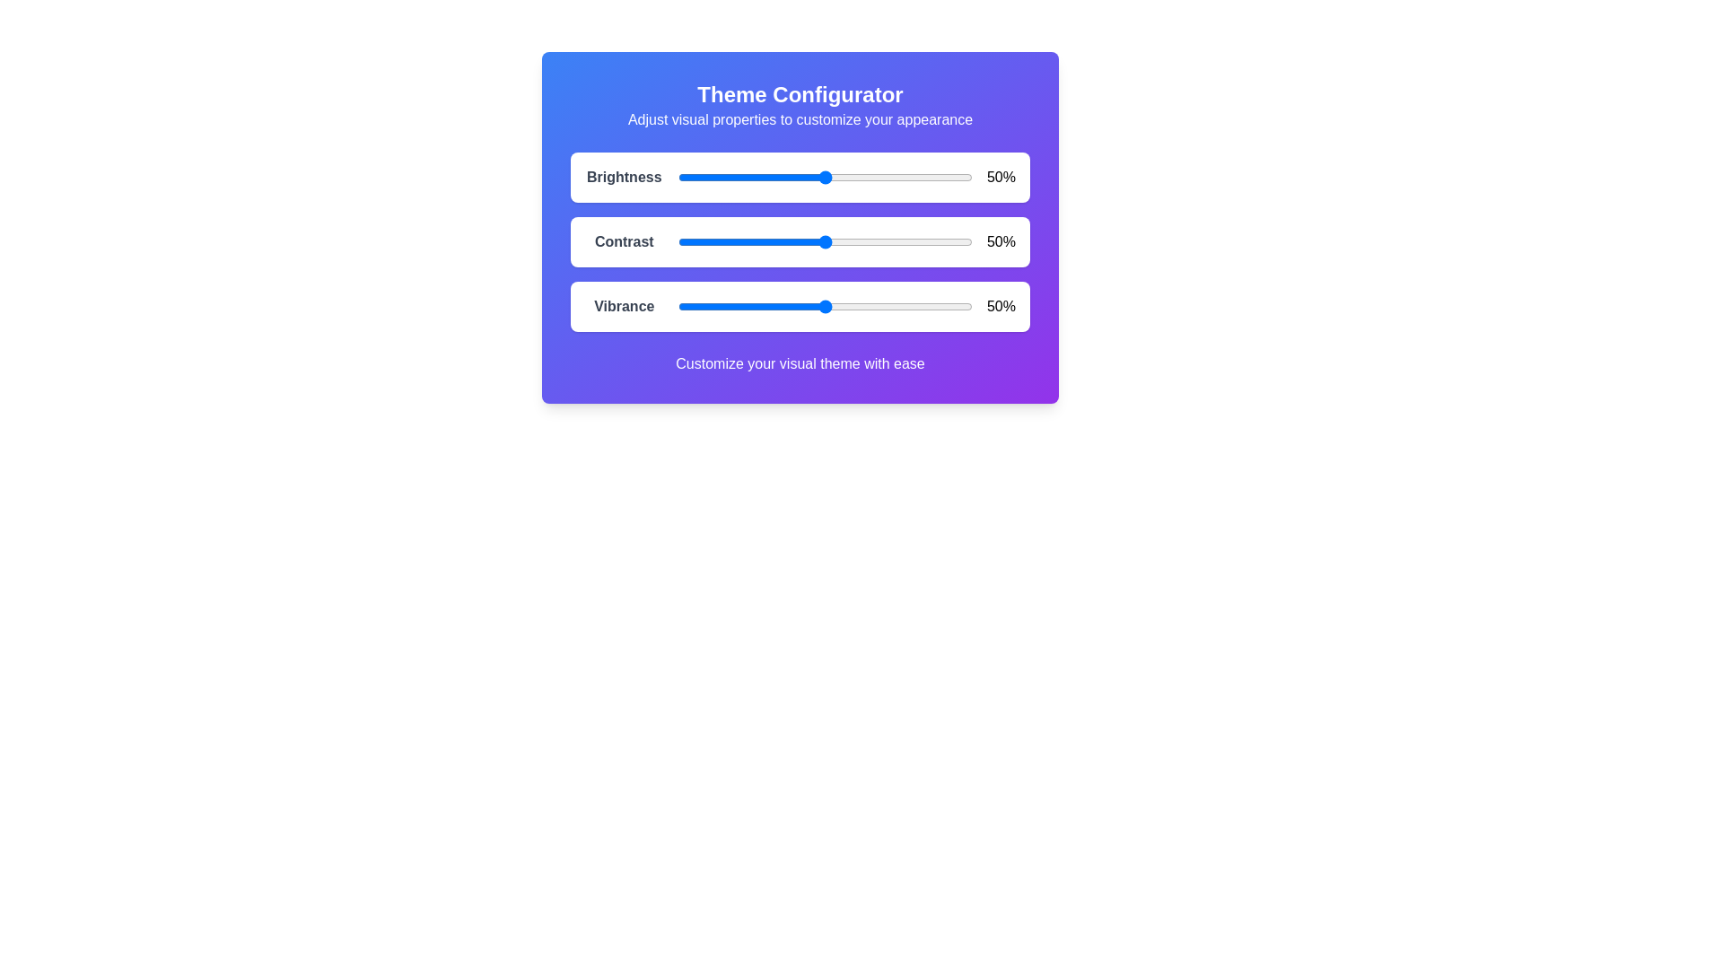 This screenshot has width=1723, height=969. I want to click on the brightness slider to 5%, so click(692, 177).